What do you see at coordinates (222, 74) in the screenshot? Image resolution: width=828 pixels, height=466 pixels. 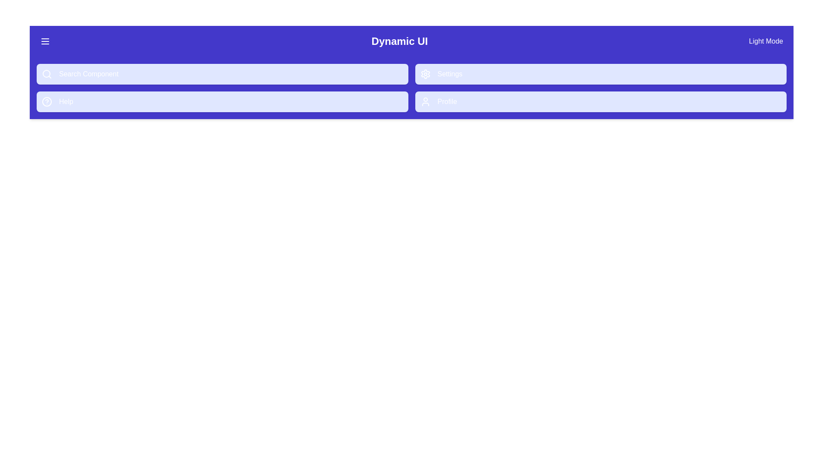 I see `the menu option Search Component from the menu` at bounding box center [222, 74].